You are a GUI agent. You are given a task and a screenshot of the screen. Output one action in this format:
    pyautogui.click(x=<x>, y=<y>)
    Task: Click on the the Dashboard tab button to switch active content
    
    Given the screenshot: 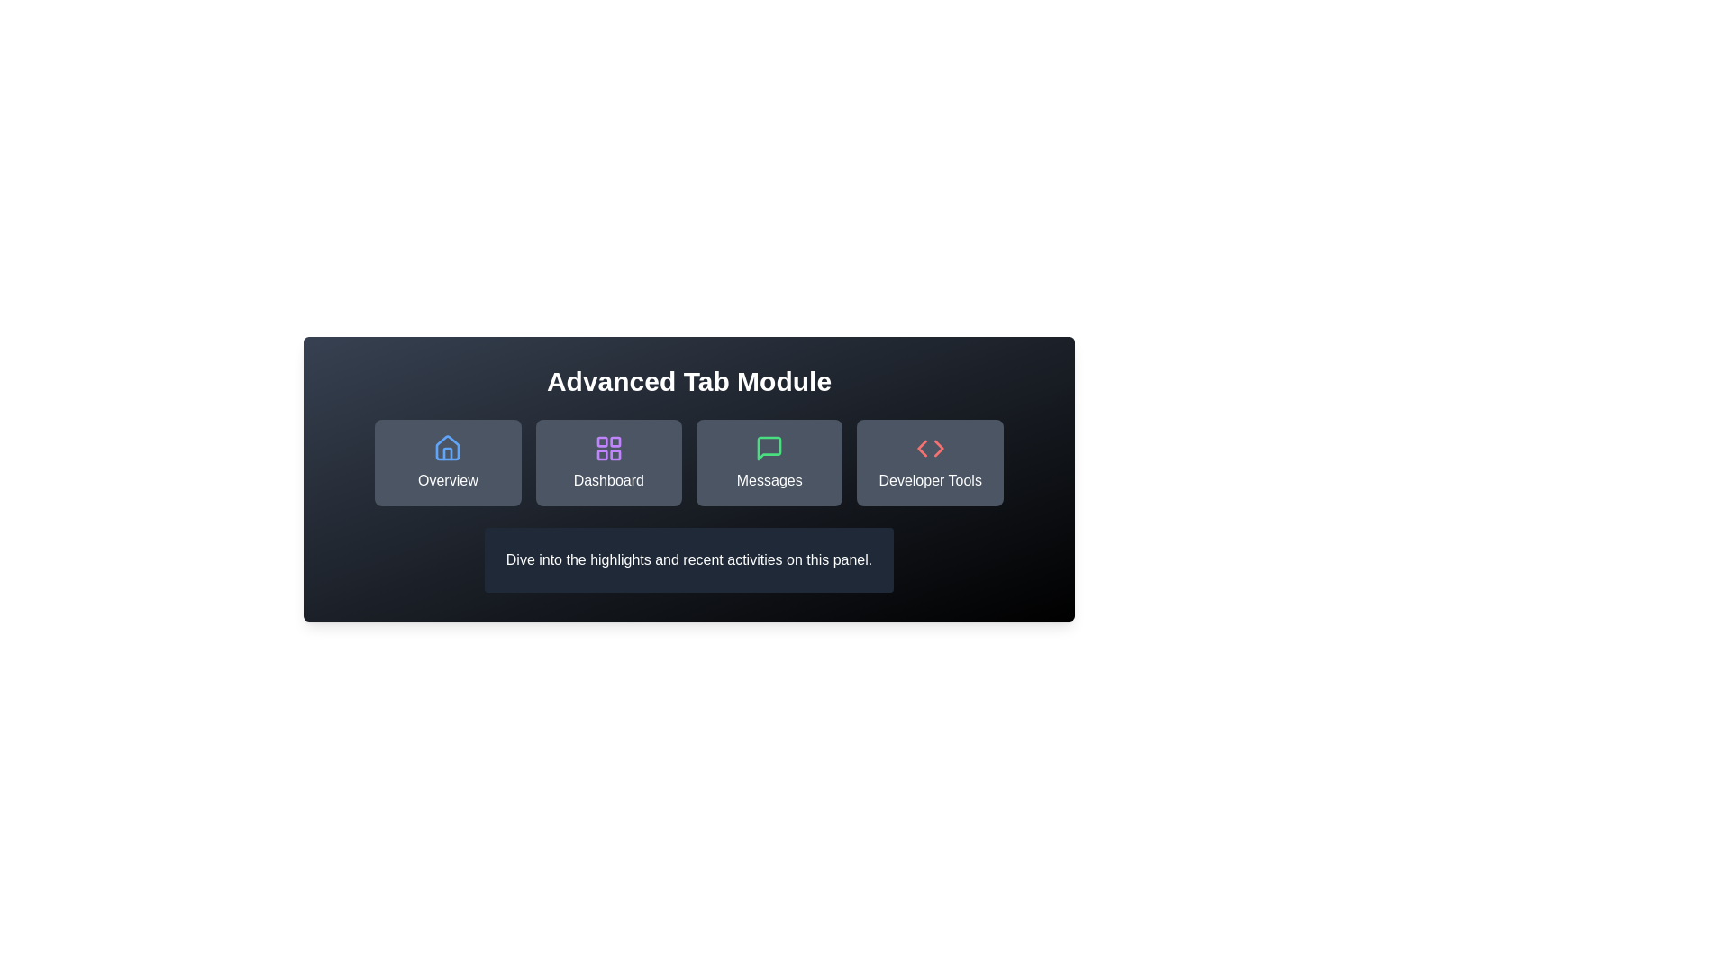 What is the action you would take?
    pyautogui.click(x=608, y=461)
    